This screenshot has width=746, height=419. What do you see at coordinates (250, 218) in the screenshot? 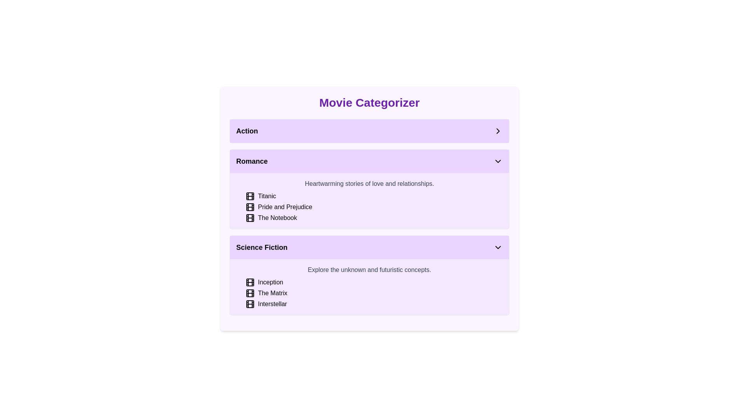
I see `the small film roll icon located in the 'Romance' section of the list, preceding the text label 'The Notebook'` at bounding box center [250, 218].